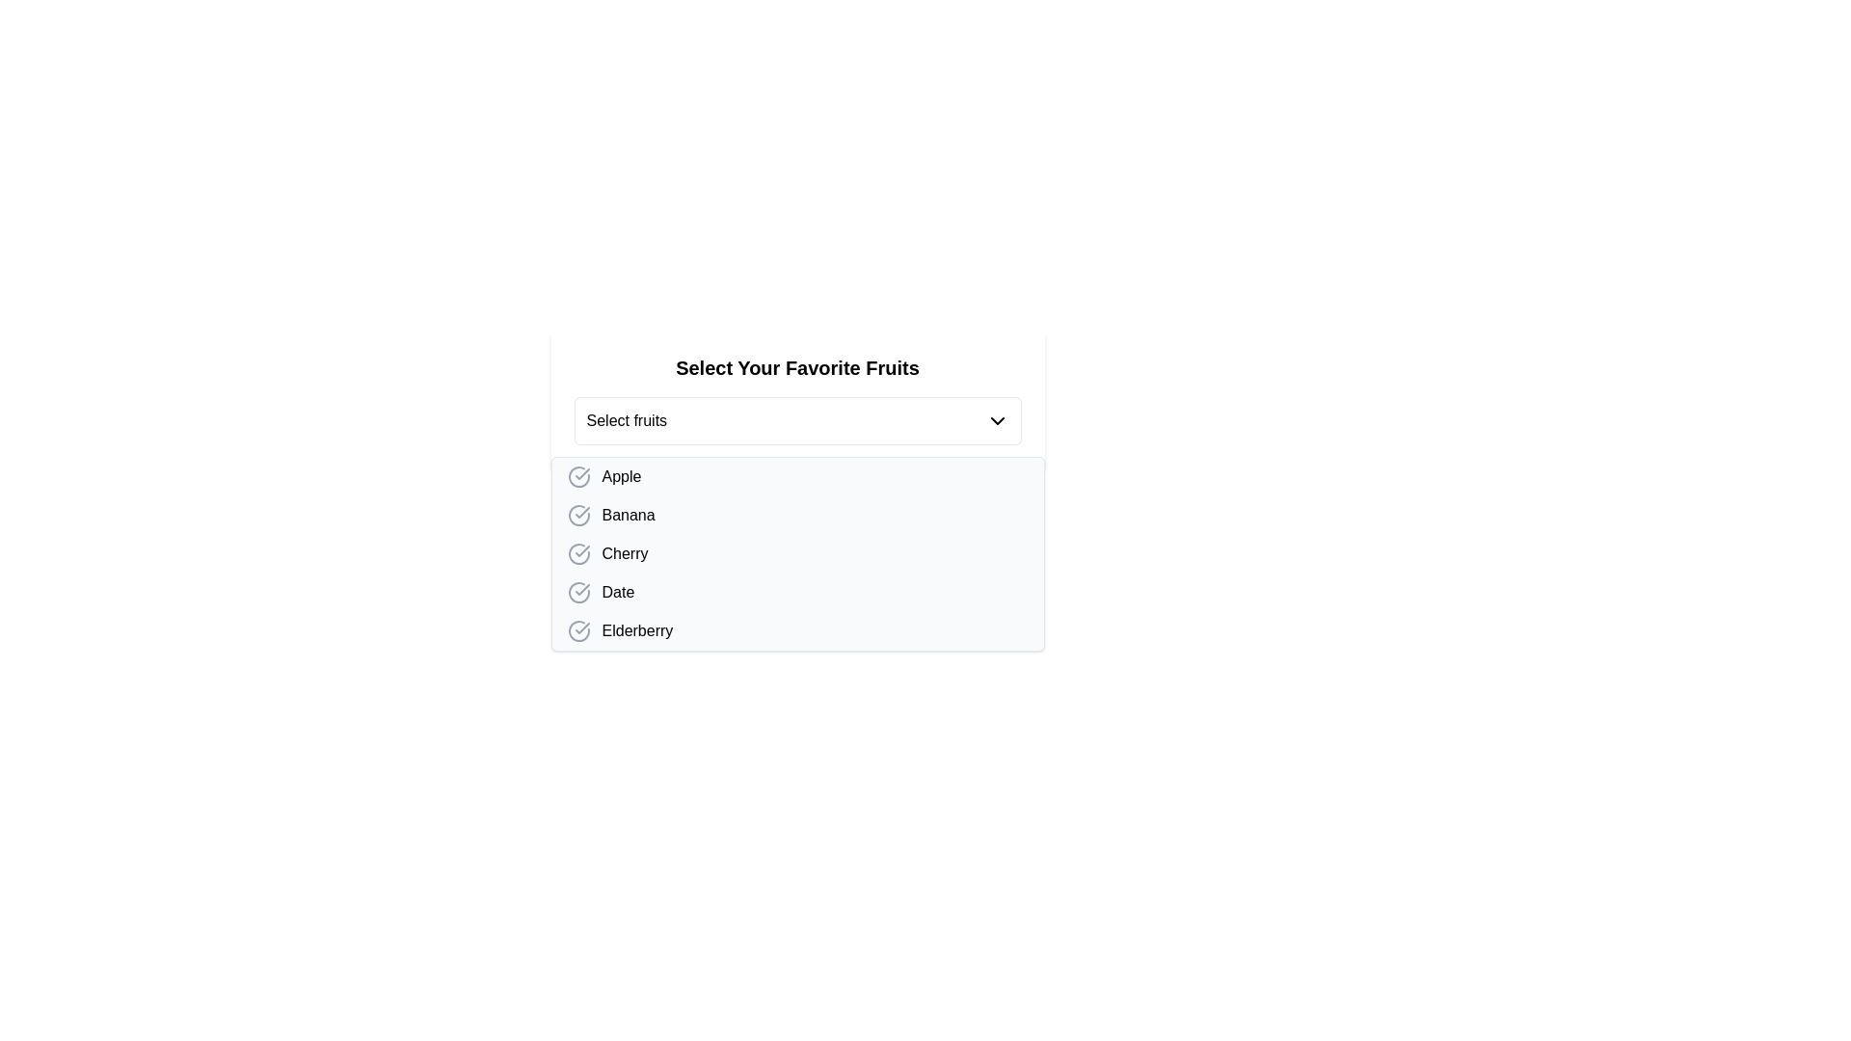  What do you see at coordinates (797, 399) in the screenshot?
I see `the dropdown selection labeled 'Select fruits' in the Dropdown Selection Card titled 'Select Your Favorite Fruits'` at bounding box center [797, 399].